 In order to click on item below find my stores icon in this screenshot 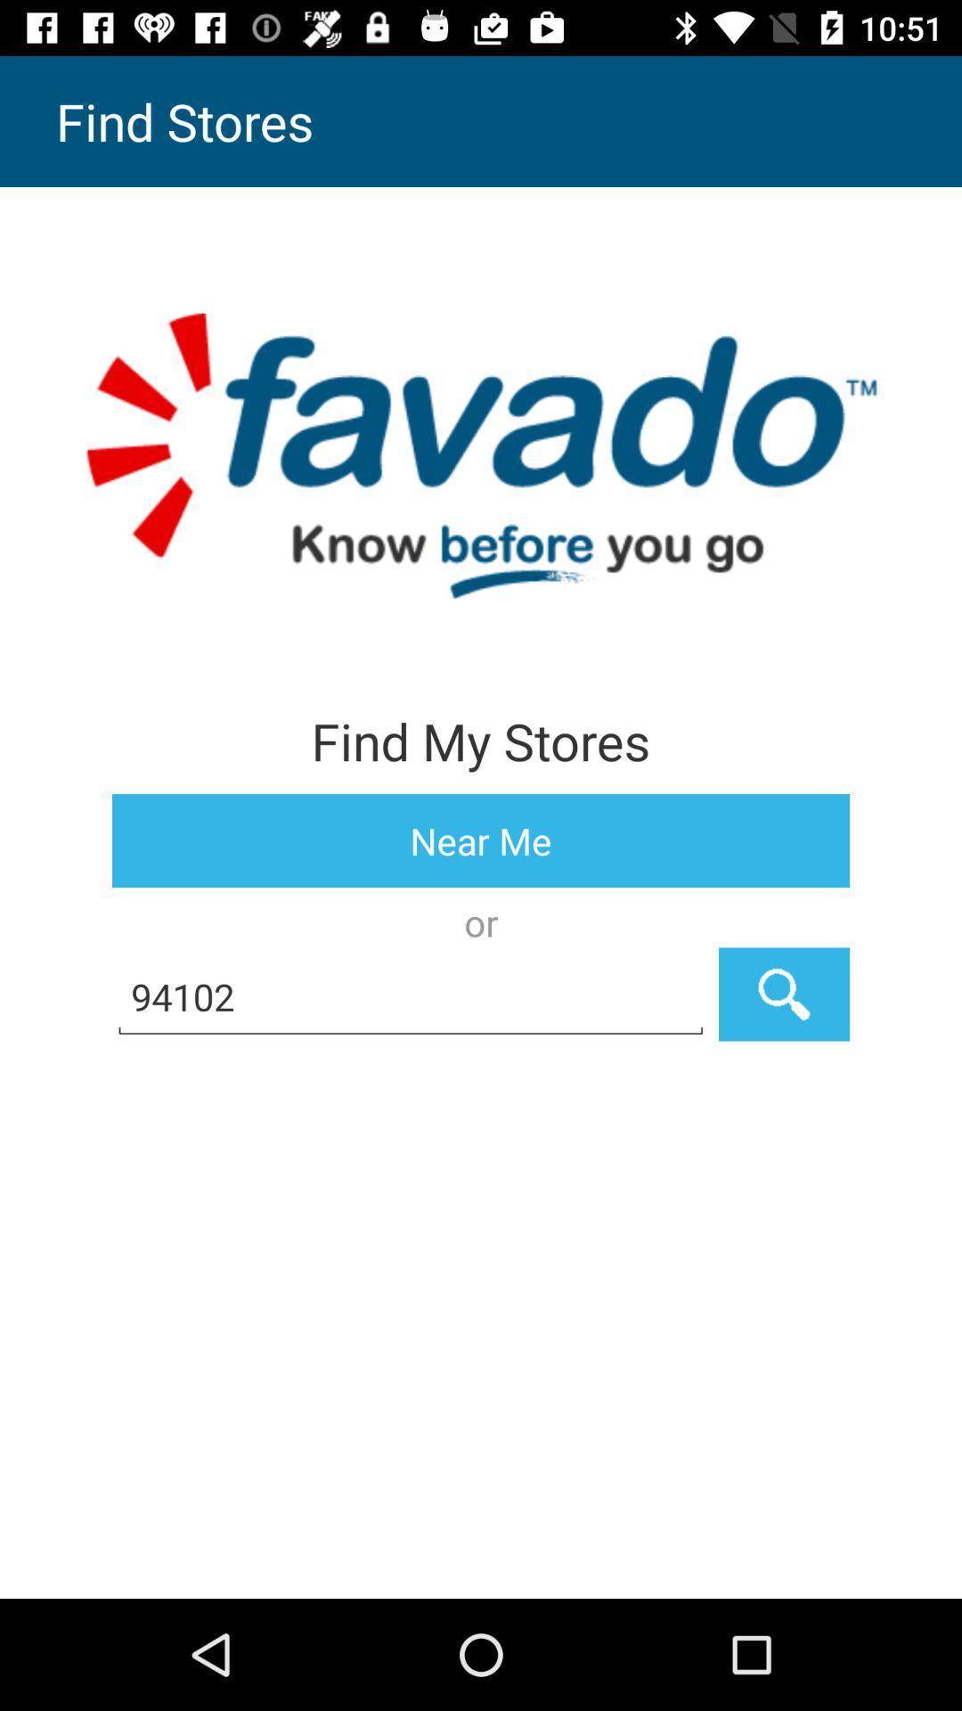, I will do `click(481, 839)`.